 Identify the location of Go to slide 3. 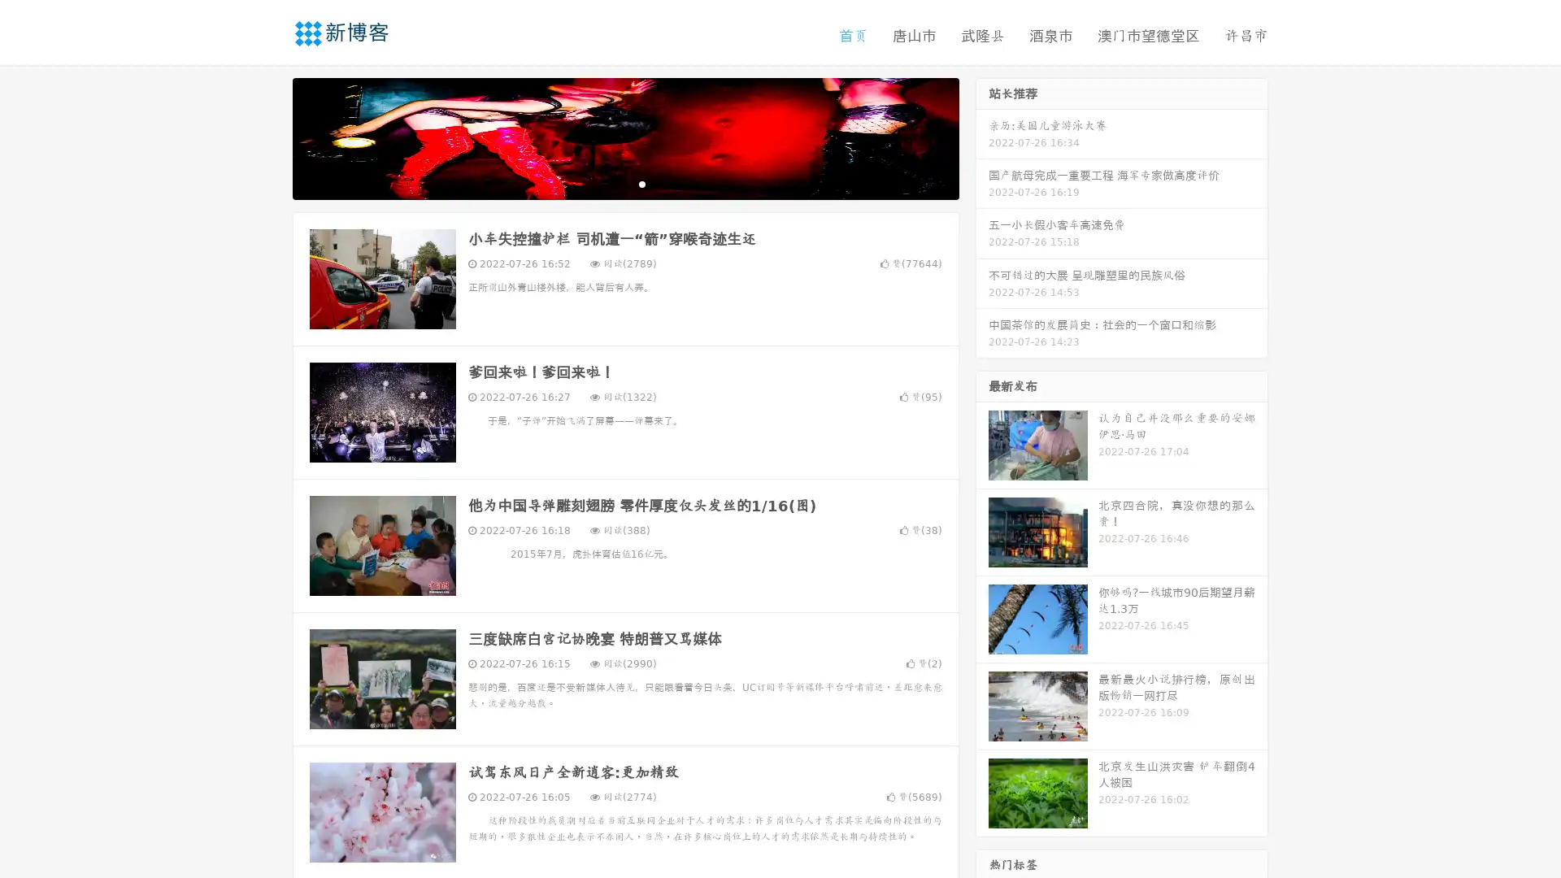
(641, 183).